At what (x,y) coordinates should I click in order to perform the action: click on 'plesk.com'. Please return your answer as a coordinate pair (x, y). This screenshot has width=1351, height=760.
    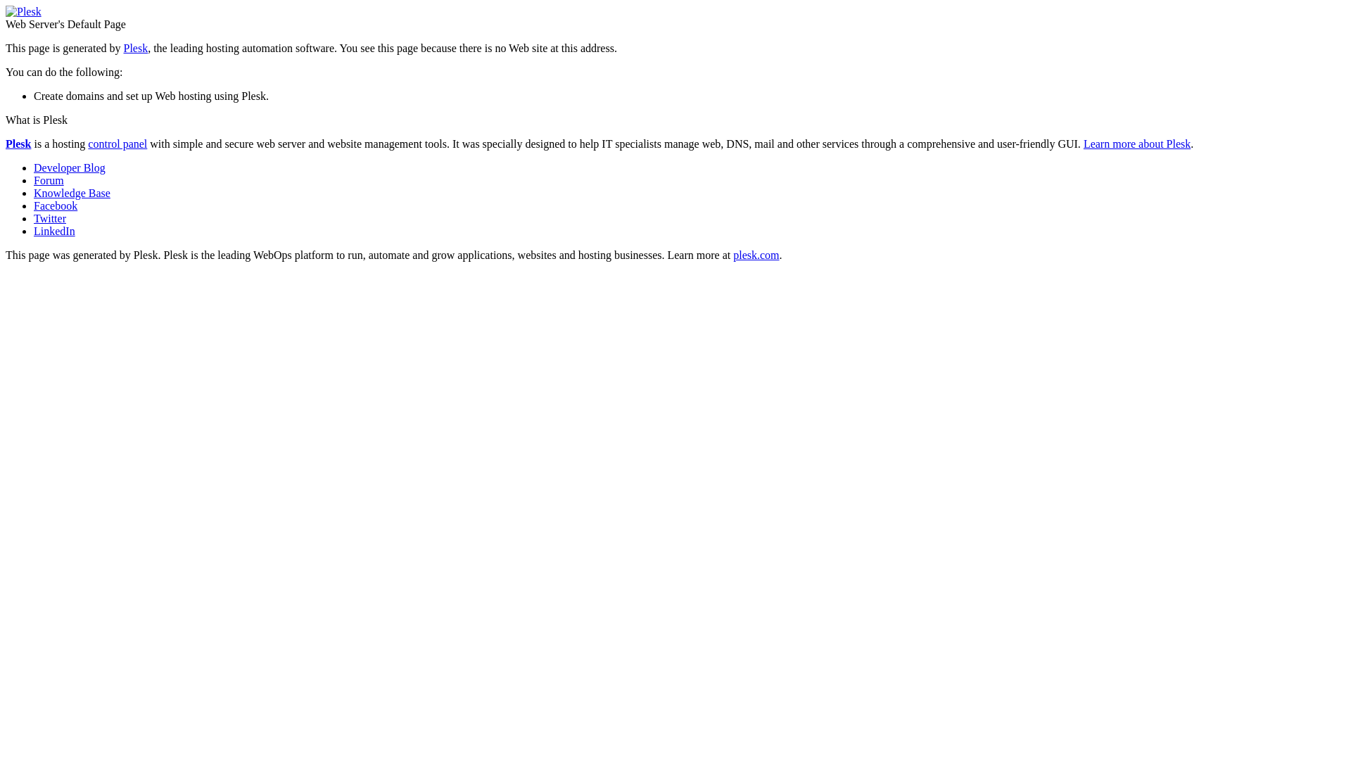
    Looking at the image, I should click on (755, 255).